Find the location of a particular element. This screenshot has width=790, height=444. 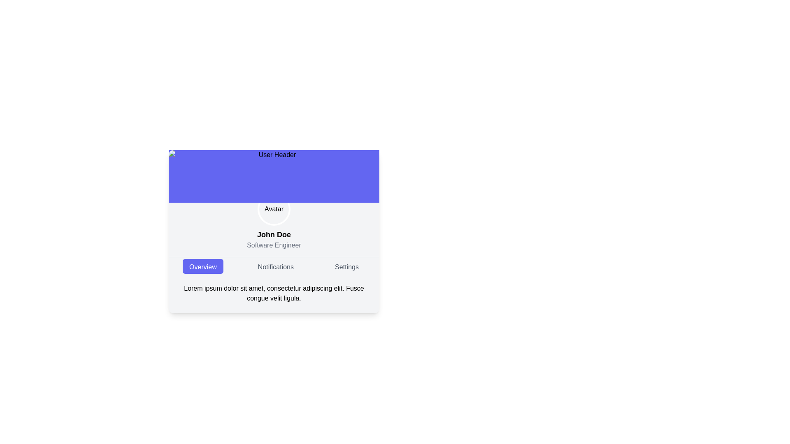

the Profile section which displays the user's avatar, name, and job title to interact with its sub-elements is located at coordinates (274, 231).